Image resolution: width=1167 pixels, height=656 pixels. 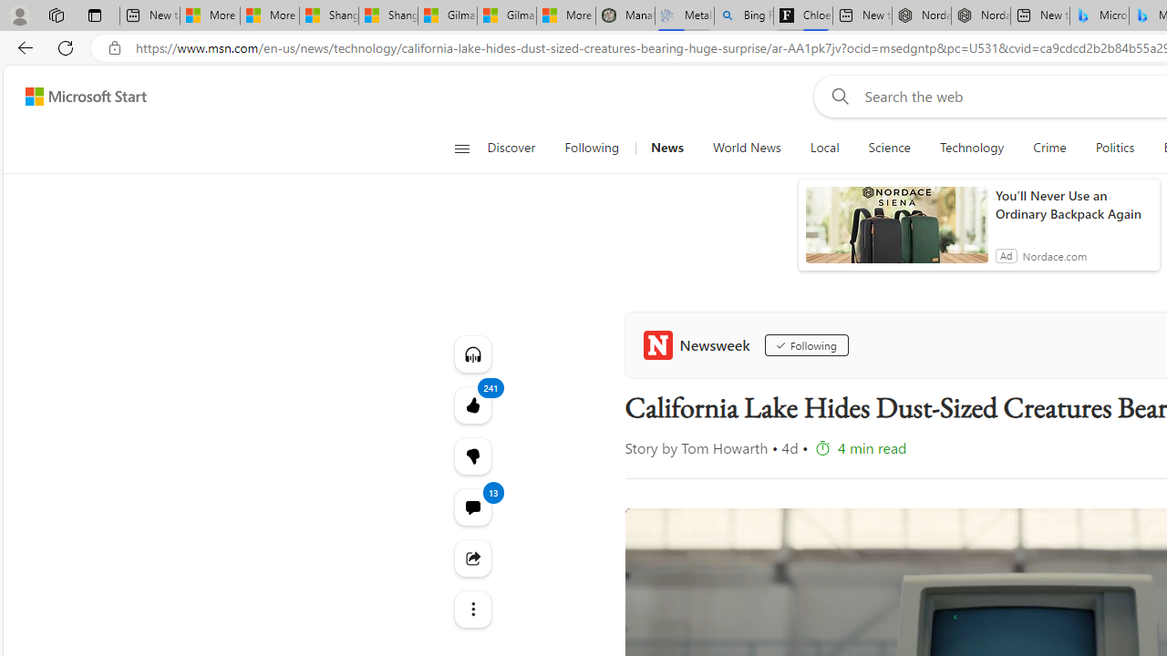 What do you see at coordinates (699, 345) in the screenshot?
I see `'Newsweek'` at bounding box center [699, 345].